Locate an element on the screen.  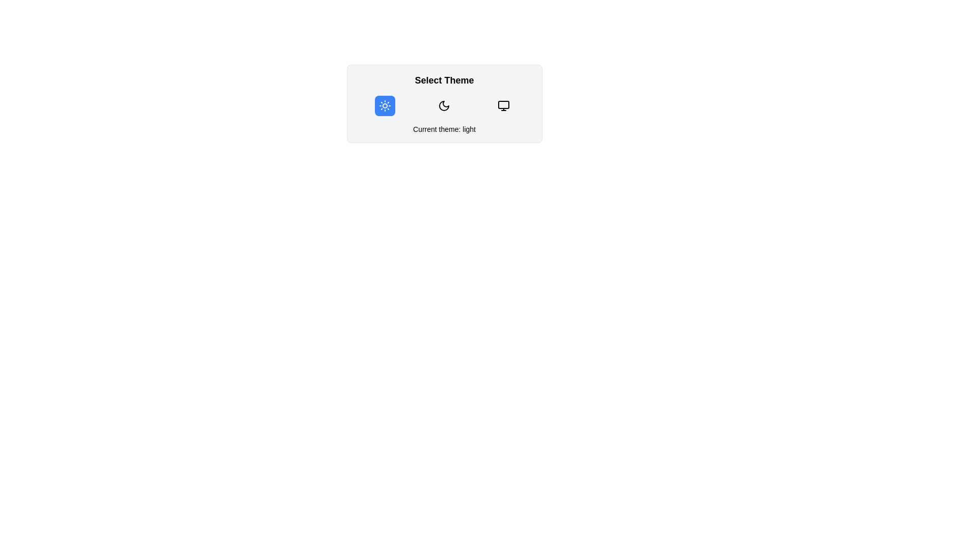
the blue rounded rectangle button with a white sun icon located in the theme selection interface is located at coordinates (384, 106).